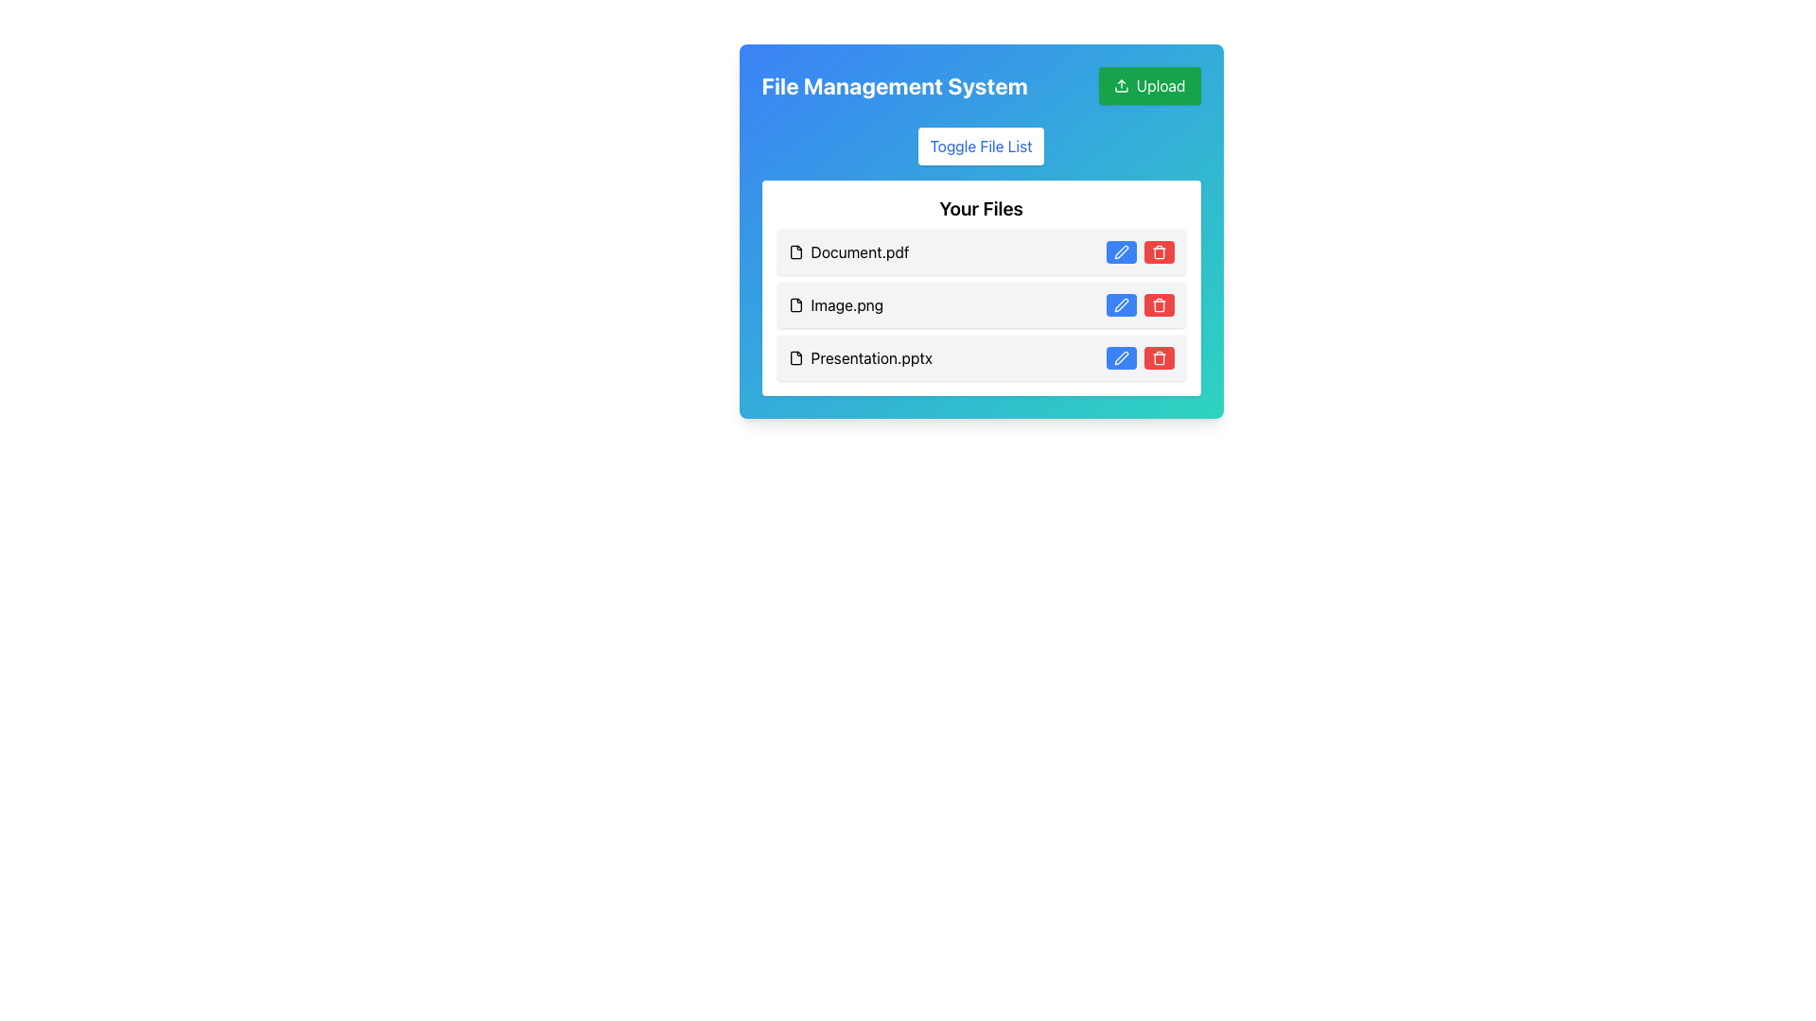  Describe the element at coordinates (1121, 357) in the screenshot. I see `the Edit button for the 'Presentation.pptx' file entry` at that location.